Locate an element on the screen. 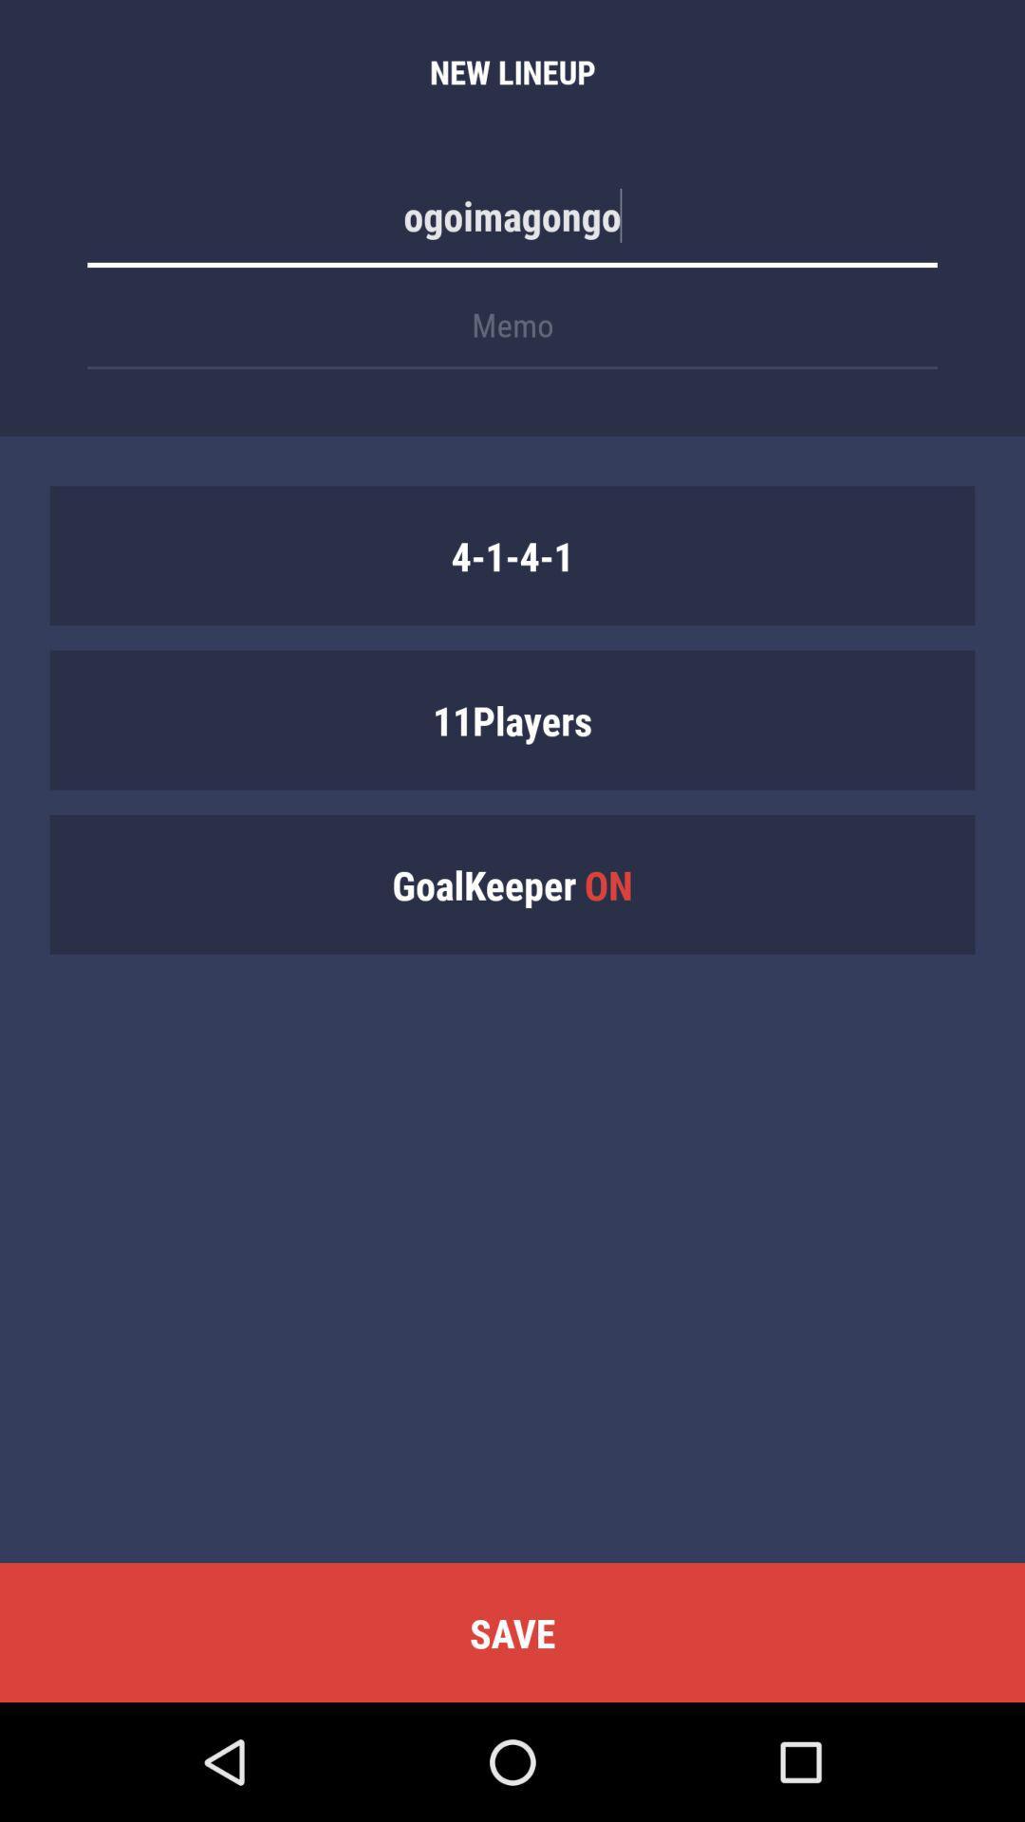  the 11players icon is located at coordinates (512, 718).